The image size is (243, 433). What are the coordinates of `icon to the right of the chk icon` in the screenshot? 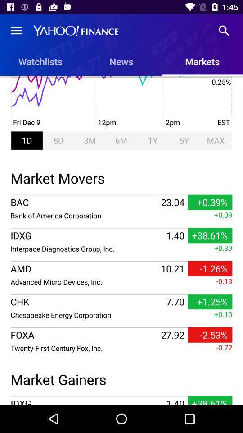 It's located at (175, 302).